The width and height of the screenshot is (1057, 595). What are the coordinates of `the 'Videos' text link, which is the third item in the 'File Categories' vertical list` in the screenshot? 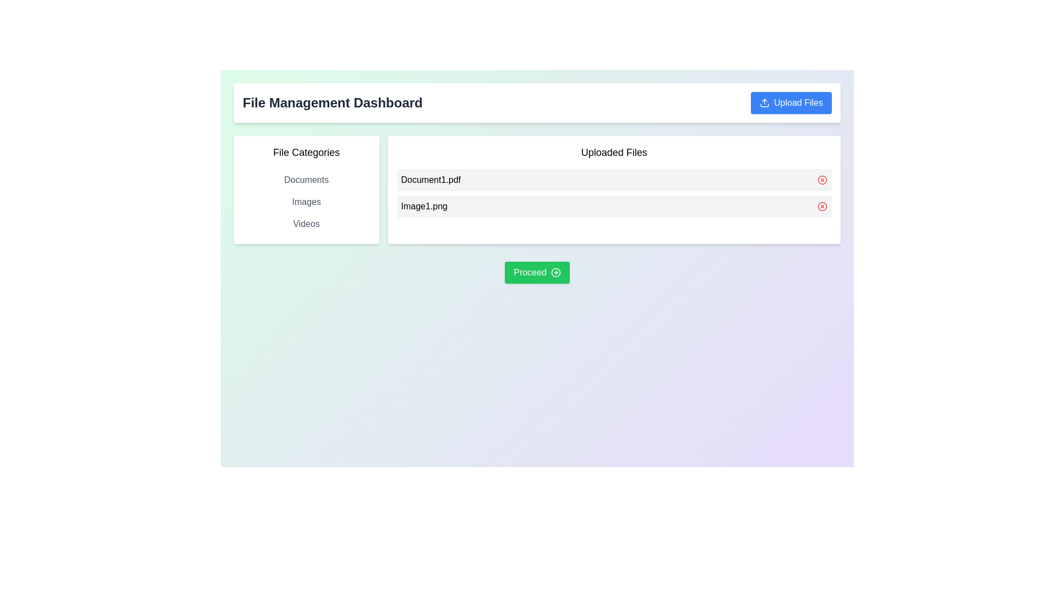 It's located at (306, 224).